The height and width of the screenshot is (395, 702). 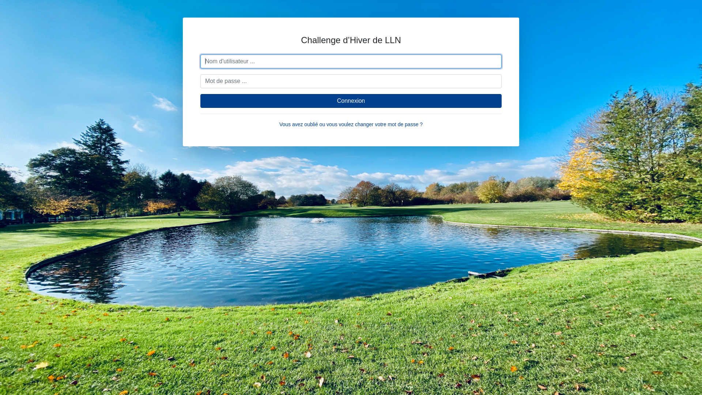 I want to click on 'Connexion', so click(x=351, y=101).